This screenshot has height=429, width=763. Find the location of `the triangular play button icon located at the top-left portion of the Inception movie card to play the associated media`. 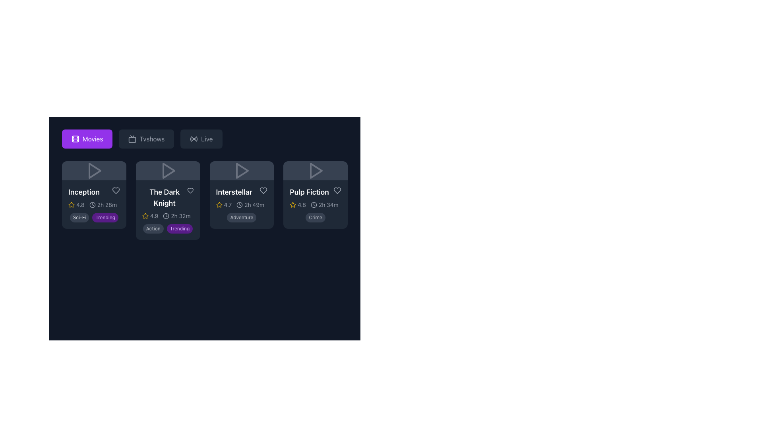

the triangular play button icon located at the top-left portion of the Inception movie card to play the associated media is located at coordinates (94, 170).